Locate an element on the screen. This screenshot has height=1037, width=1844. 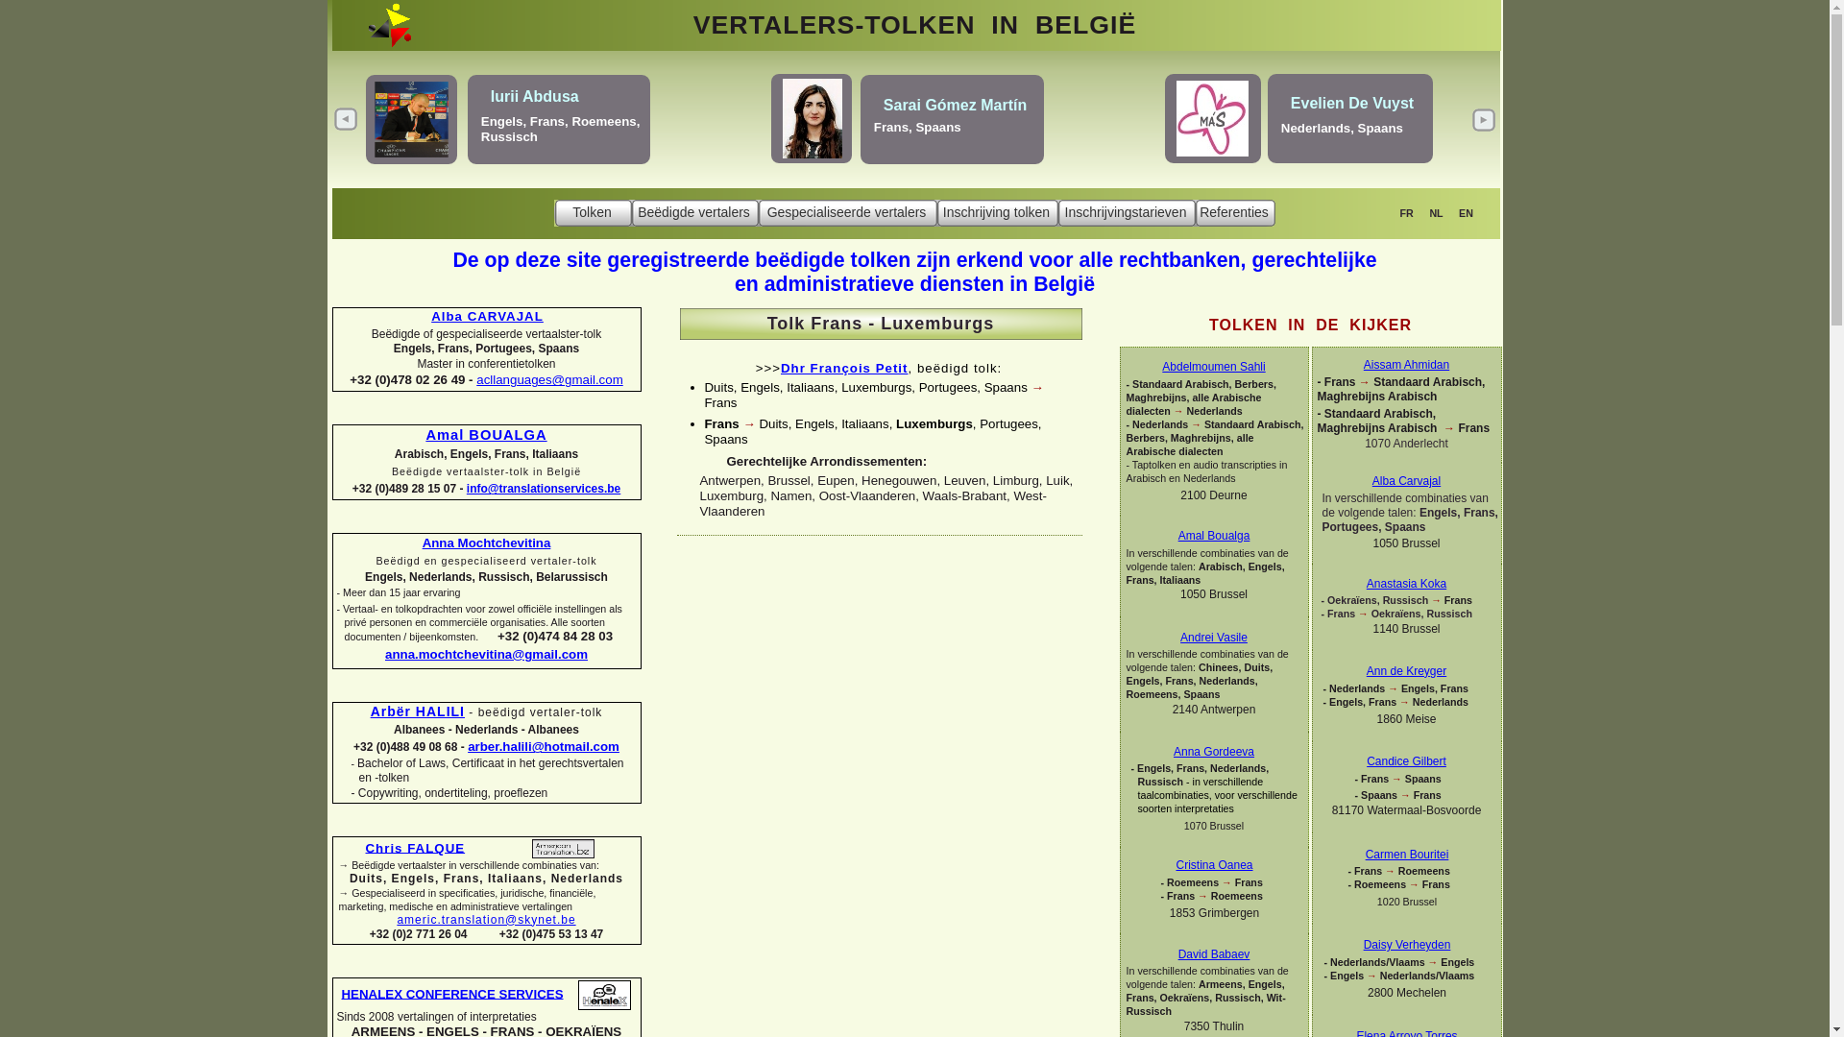
'acllanguages@gmail.com' is located at coordinates (547, 379).